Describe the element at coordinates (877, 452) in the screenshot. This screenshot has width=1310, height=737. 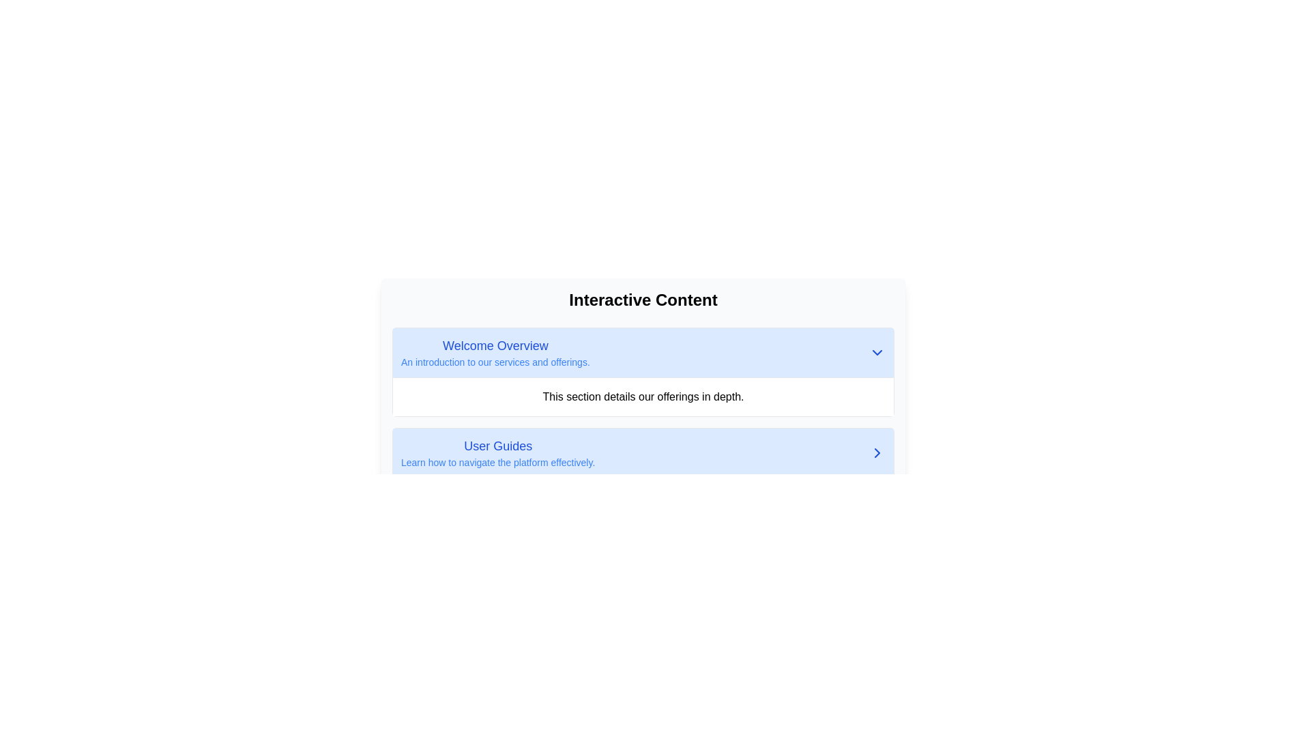
I see `the blue right-facing chevron icon located on the far right side of the 'User Guides' section` at that location.